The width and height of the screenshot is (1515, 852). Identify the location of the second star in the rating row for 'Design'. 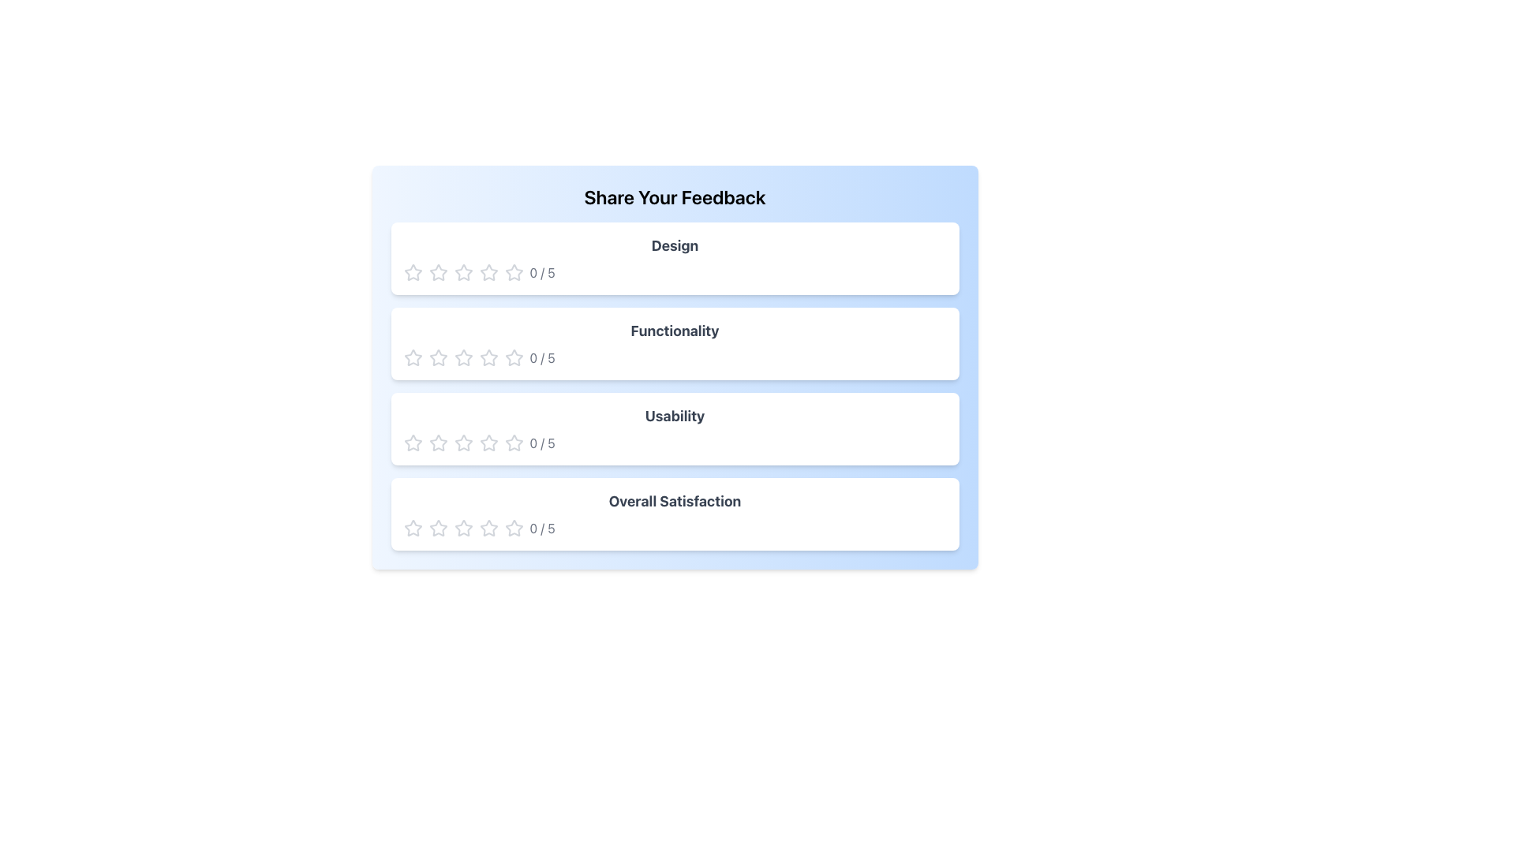
(488, 271).